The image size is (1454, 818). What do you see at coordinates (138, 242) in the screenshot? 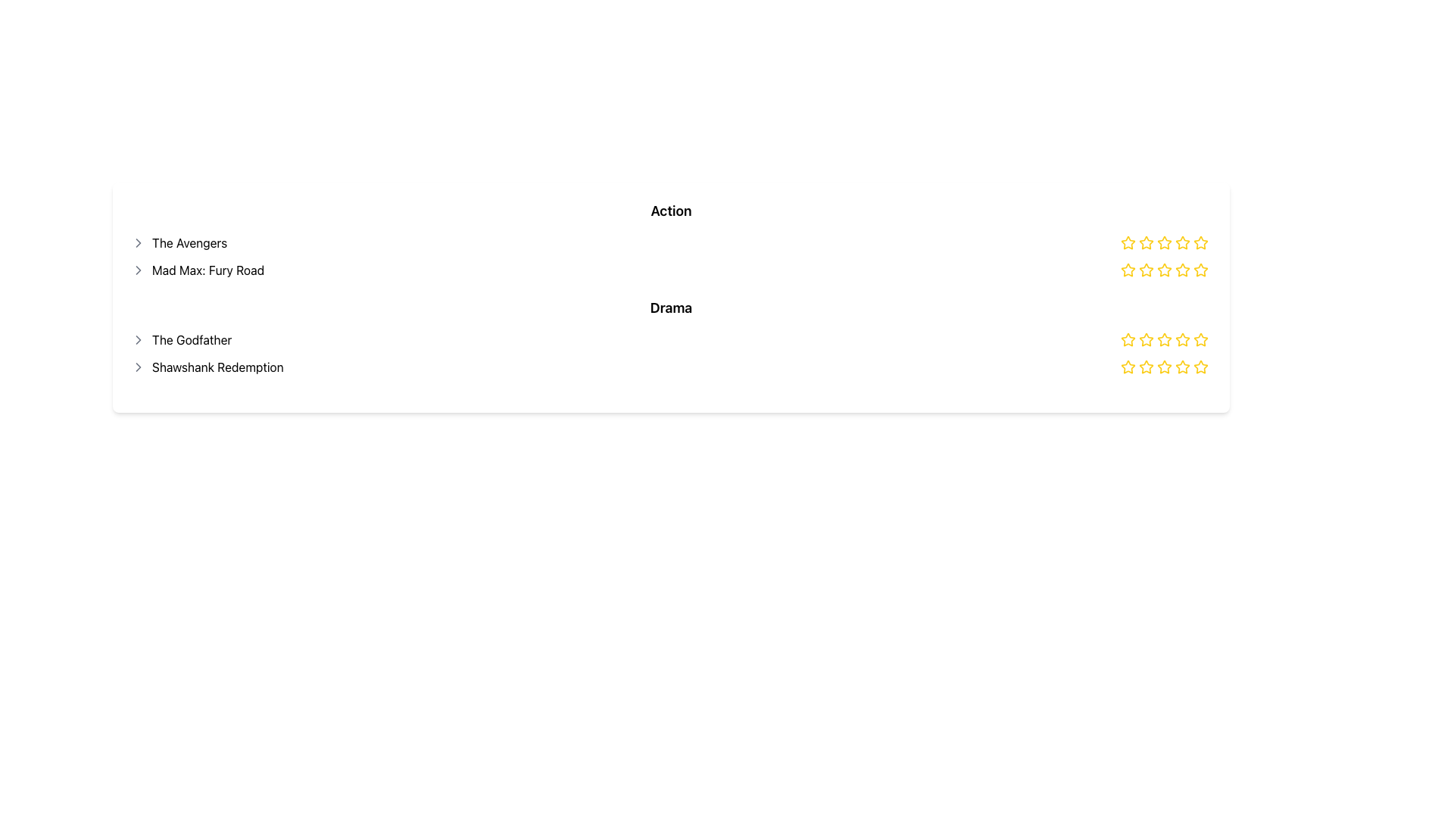
I see `the right-pointing gray chevron icon located to the left of the text 'The Avengers'` at bounding box center [138, 242].